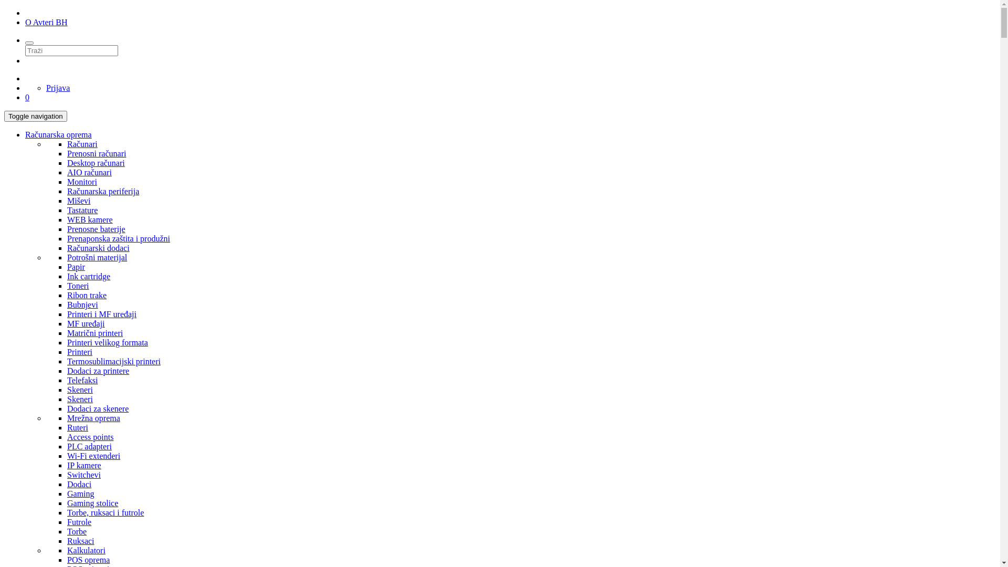 The image size is (1008, 567). I want to click on 'Futrole', so click(78, 522).